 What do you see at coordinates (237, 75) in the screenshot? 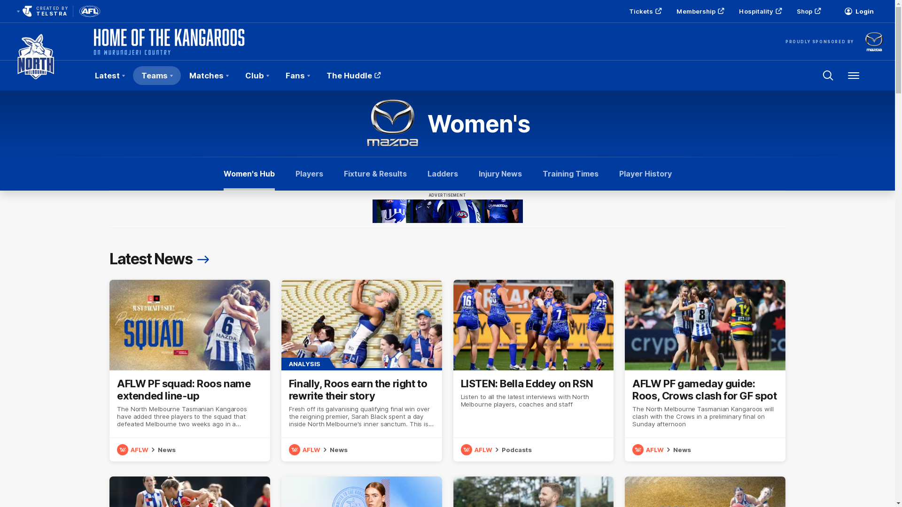
I see `'Club'` at bounding box center [237, 75].